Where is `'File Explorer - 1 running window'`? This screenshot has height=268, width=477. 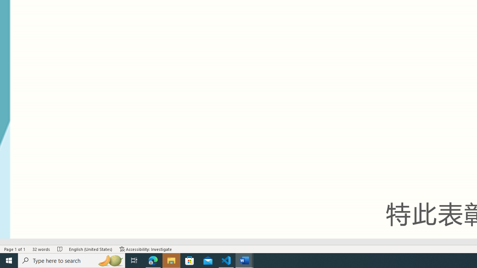
'File Explorer - 1 running window' is located at coordinates (171, 260).